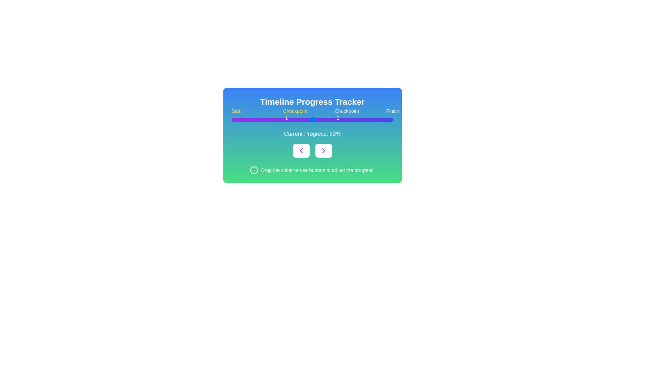  Describe the element at coordinates (389, 114) in the screenshot. I see `the Text Label displaying 'Finish', which is styled in gray color and is the last element in a horizontal sequence of indicators` at that location.